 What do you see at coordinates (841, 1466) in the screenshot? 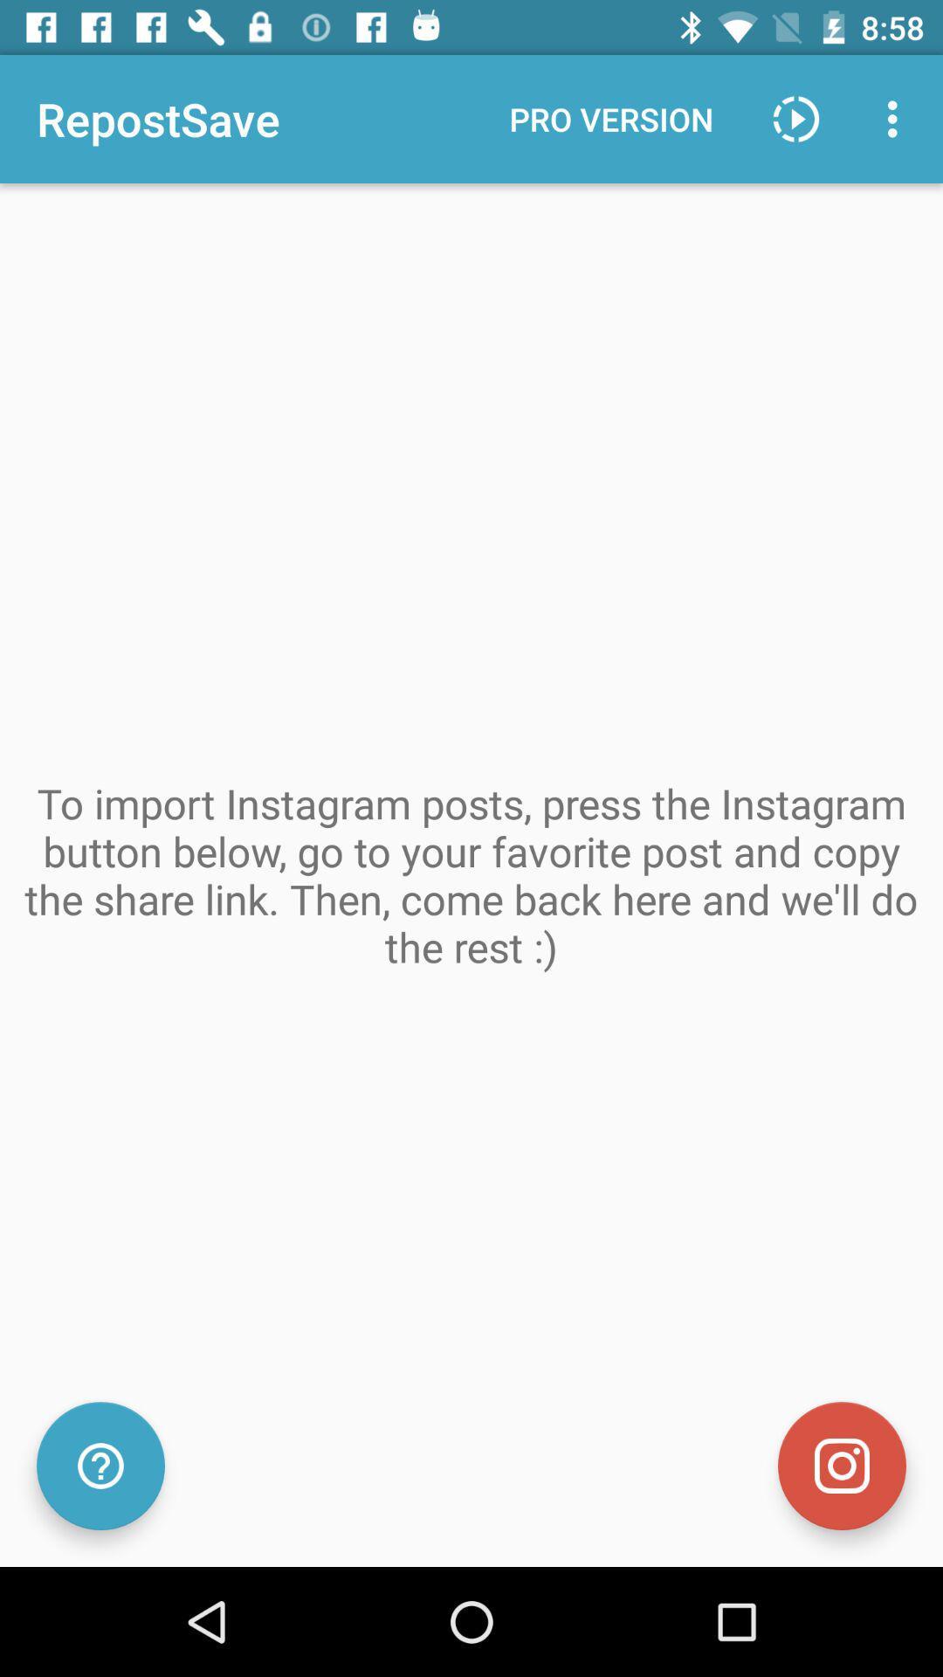
I see `icon at the bottom right corner` at bounding box center [841, 1466].